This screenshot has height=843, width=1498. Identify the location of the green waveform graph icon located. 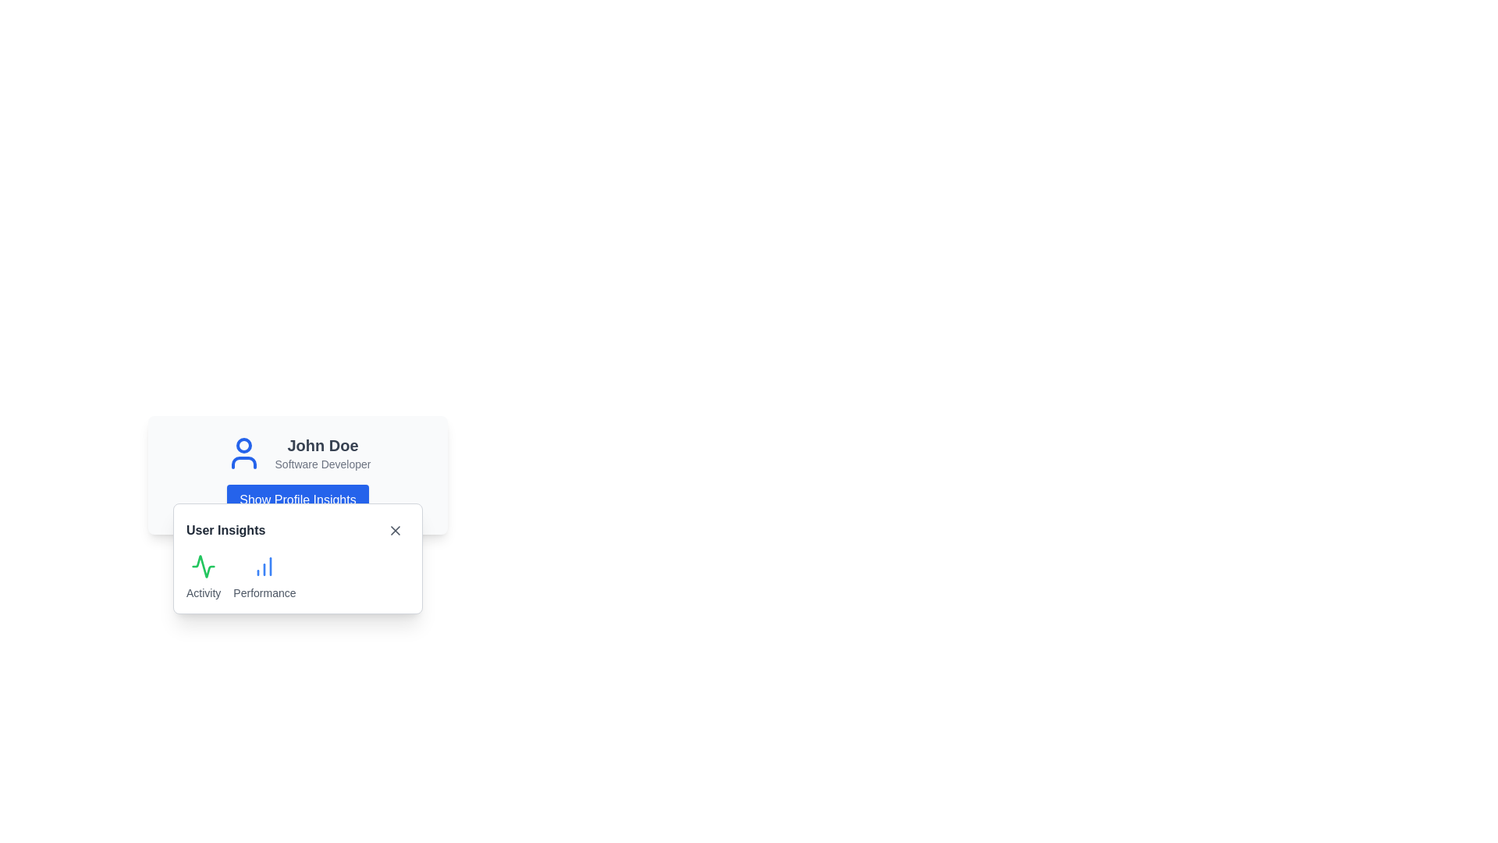
(203, 566).